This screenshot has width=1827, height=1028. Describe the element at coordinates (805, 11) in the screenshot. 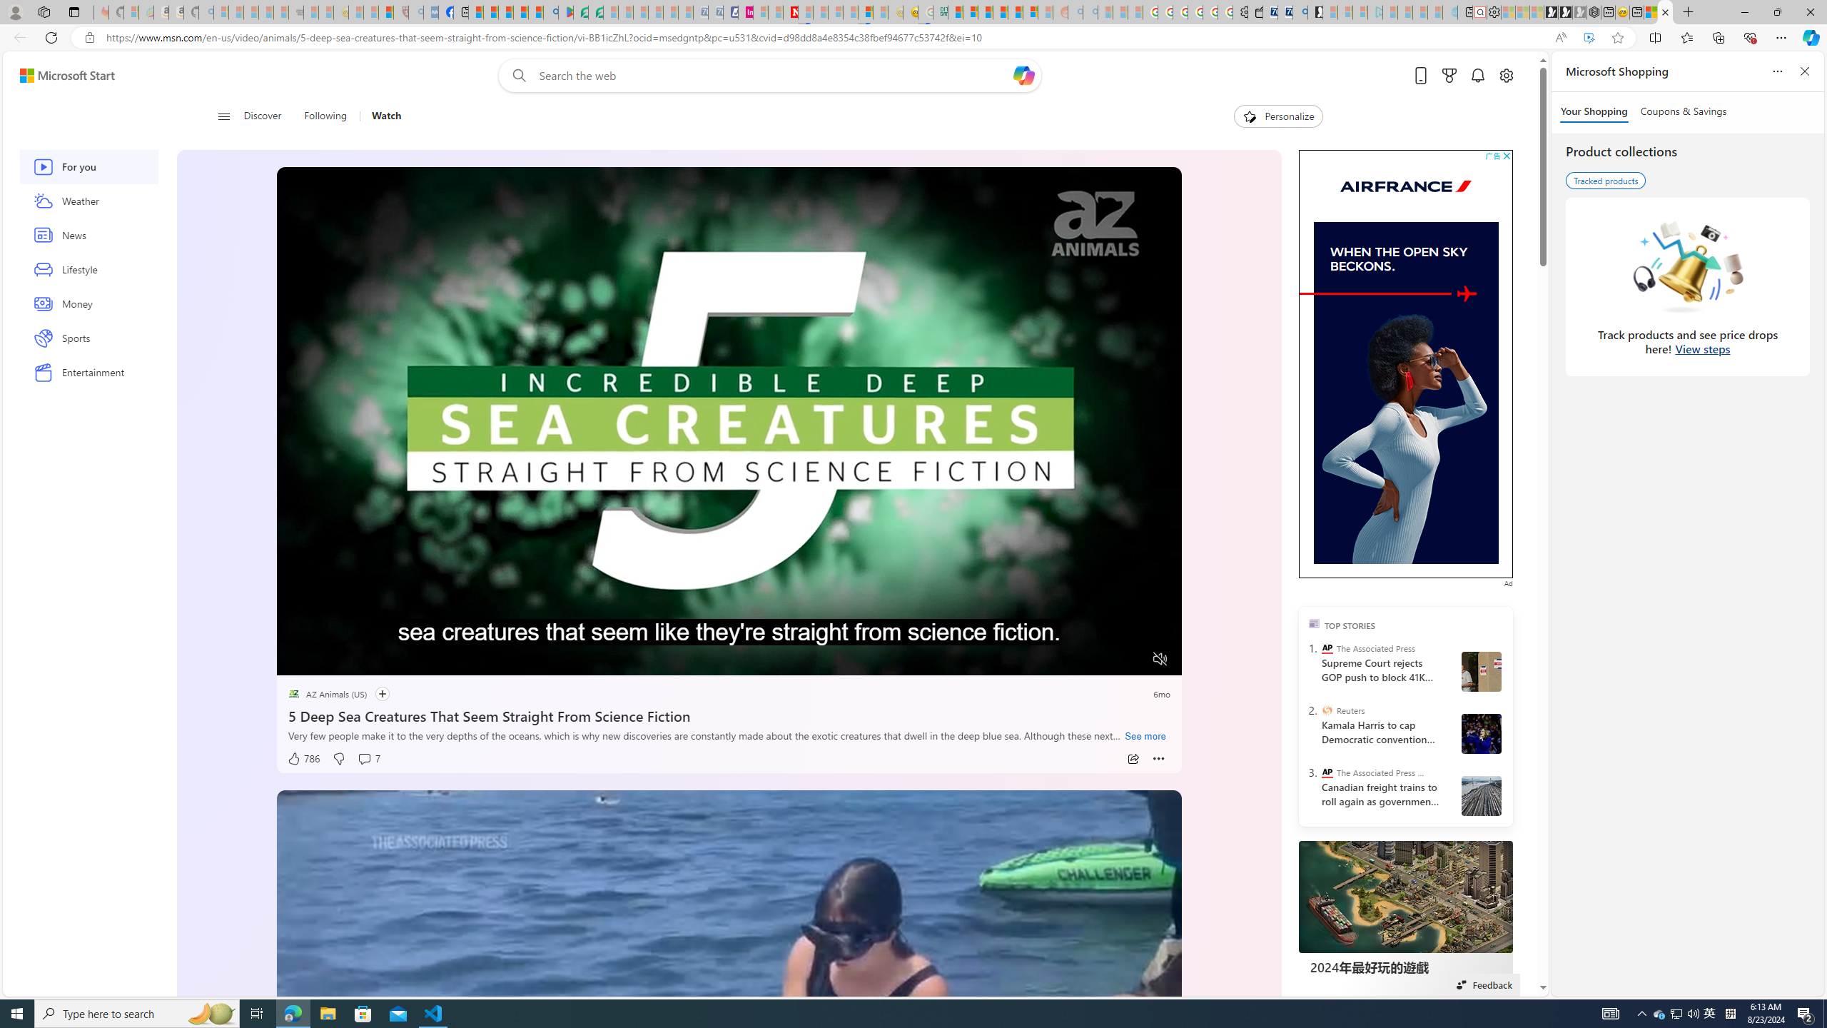

I see `'Trusted Community Engagement and Contributions | Guidelines'` at that location.